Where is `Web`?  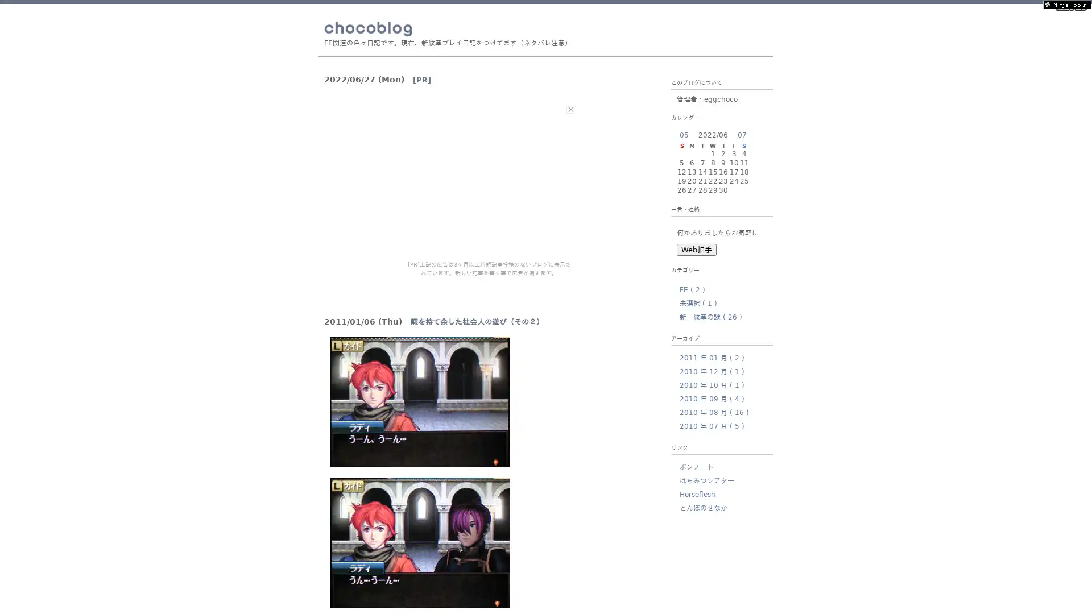
Web is located at coordinates (696, 249).